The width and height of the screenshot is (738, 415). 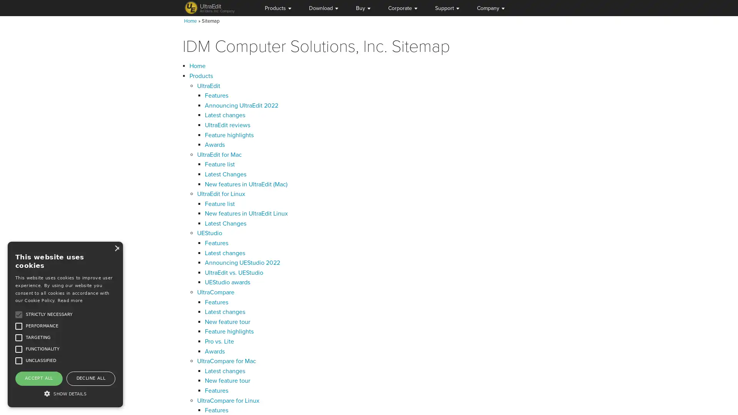 I want to click on Close, so click(x=116, y=248).